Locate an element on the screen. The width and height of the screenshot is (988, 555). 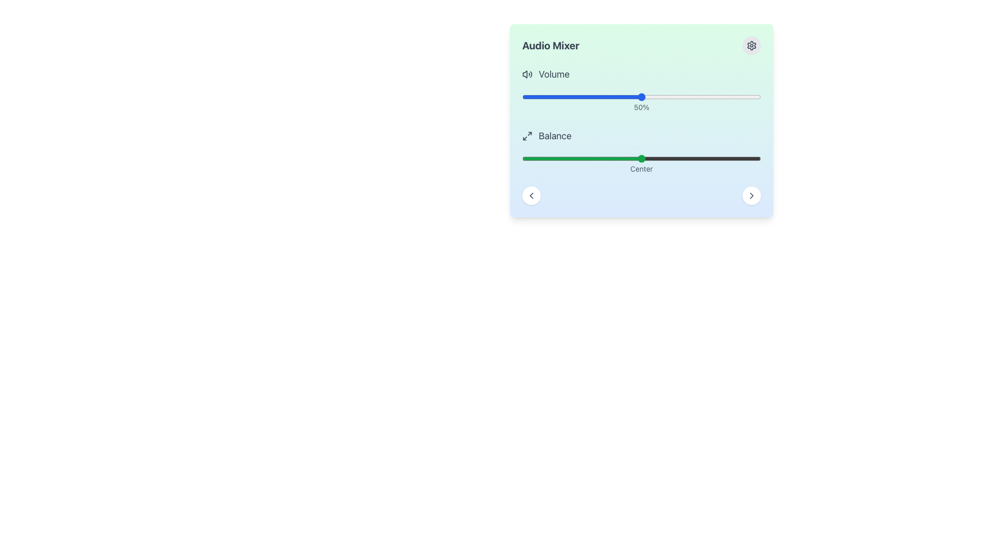
balance is located at coordinates (589, 158).